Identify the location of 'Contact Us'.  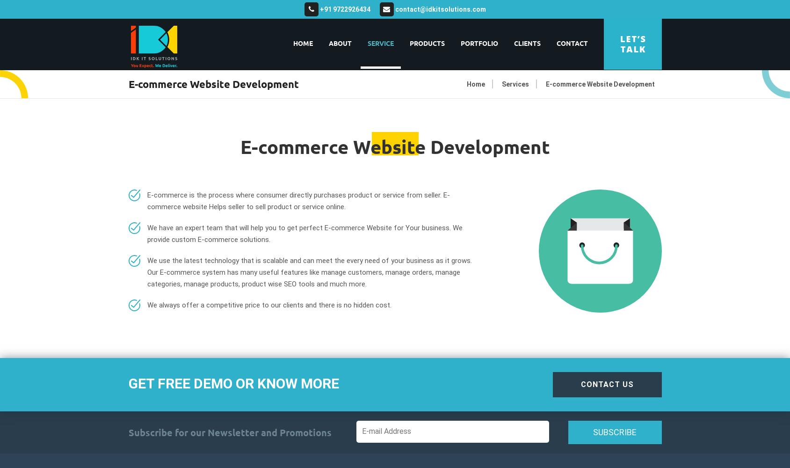
(580, 384).